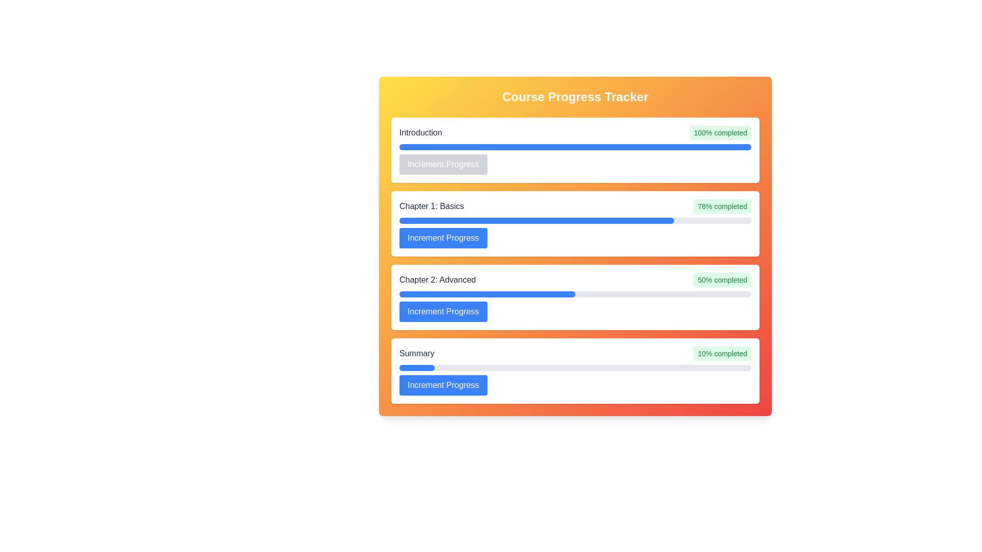 This screenshot has width=982, height=552. What do you see at coordinates (443, 238) in the screenshot?
I see `the 'Increment Progress' button located below the horizontal progress bar in the 'Chapter 1: Basics' section to increment progress` at bounding box center [443, 238].